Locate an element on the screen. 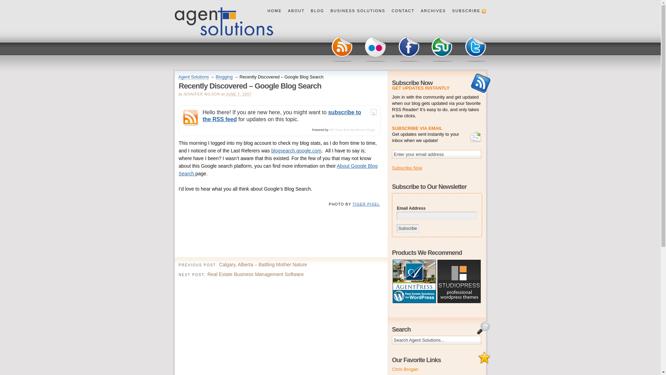  'TIGER PIXEL' is located at coordinates (352, 203).